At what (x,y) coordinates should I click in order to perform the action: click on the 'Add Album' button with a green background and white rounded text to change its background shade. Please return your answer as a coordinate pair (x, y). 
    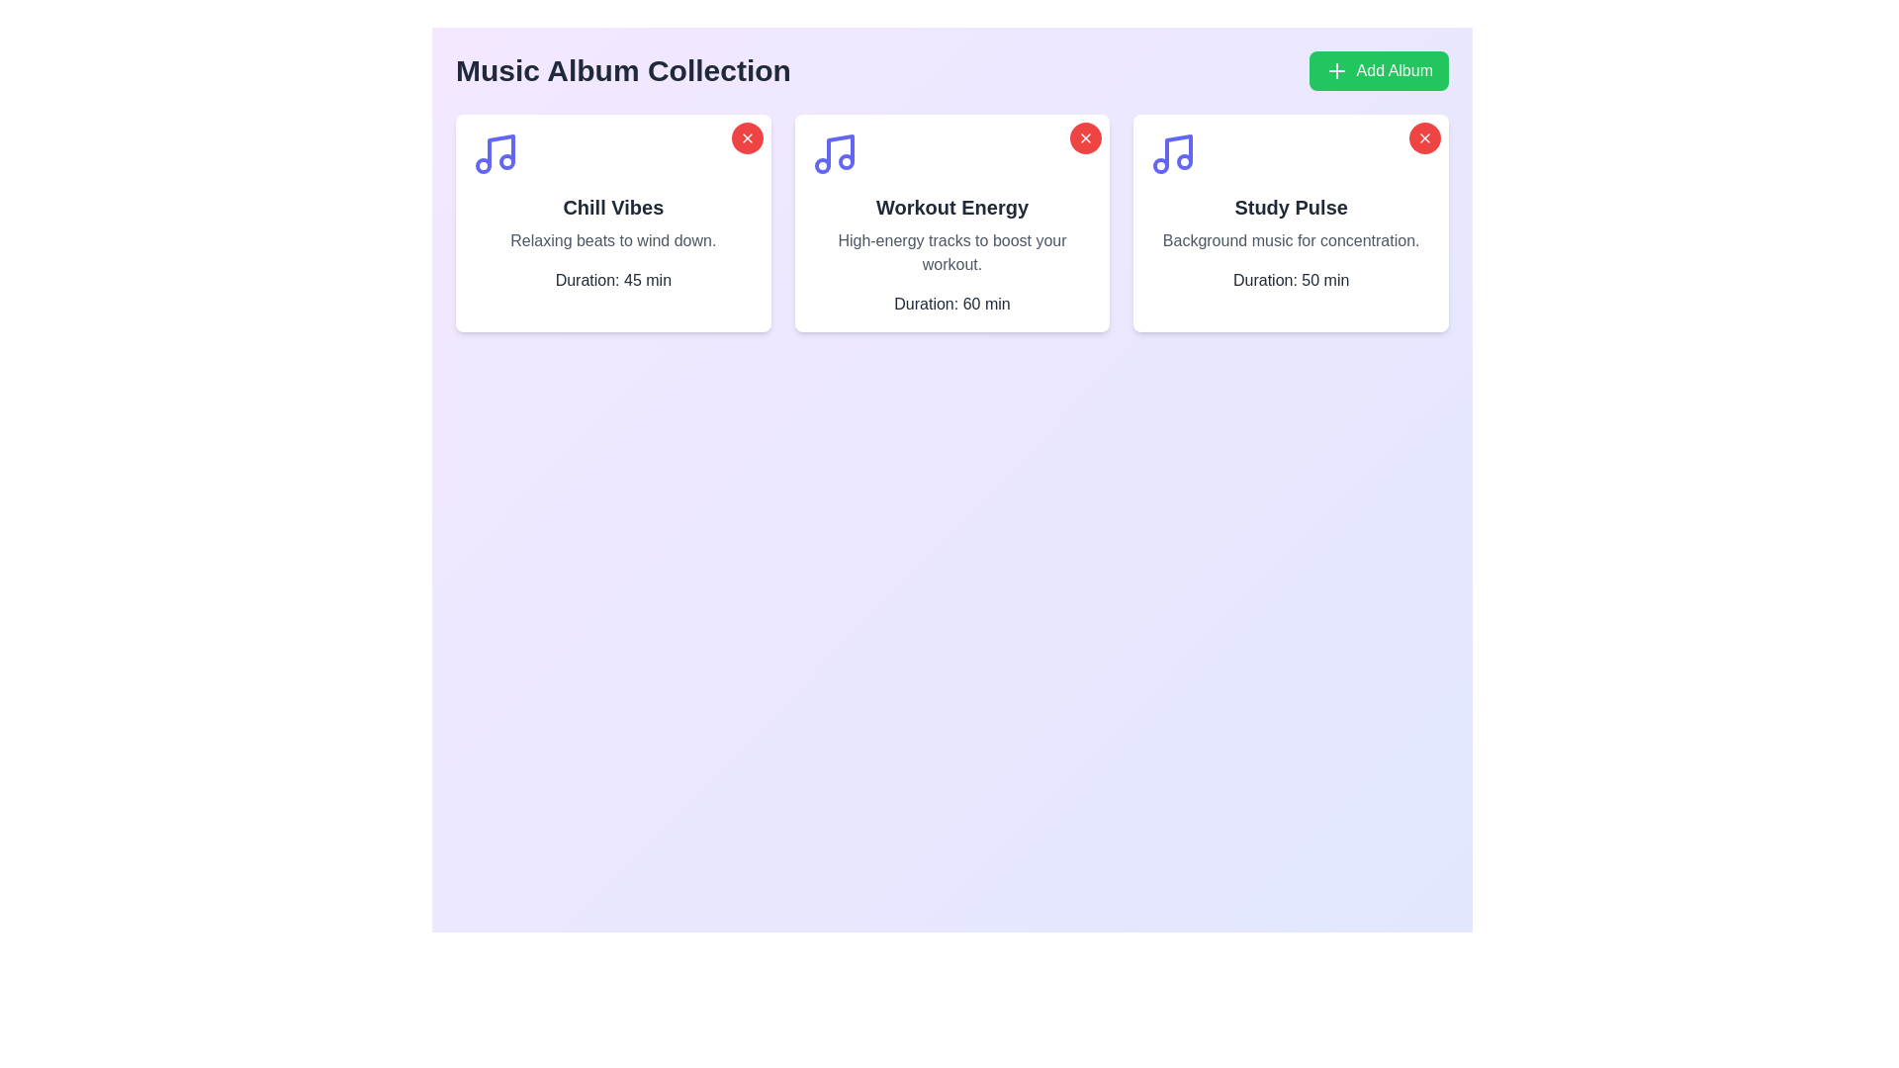
    Looking at the image, I should click on (1378, 70).